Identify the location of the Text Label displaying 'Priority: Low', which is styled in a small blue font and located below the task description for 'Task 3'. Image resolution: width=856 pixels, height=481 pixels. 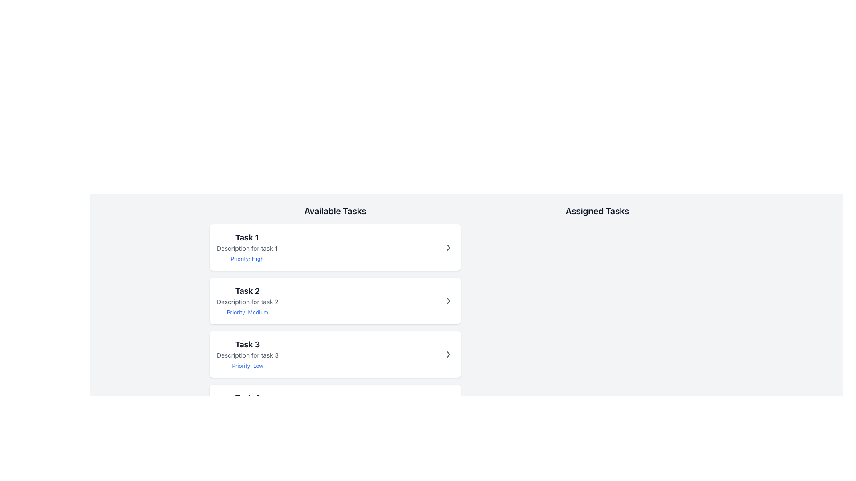
(247, 366).